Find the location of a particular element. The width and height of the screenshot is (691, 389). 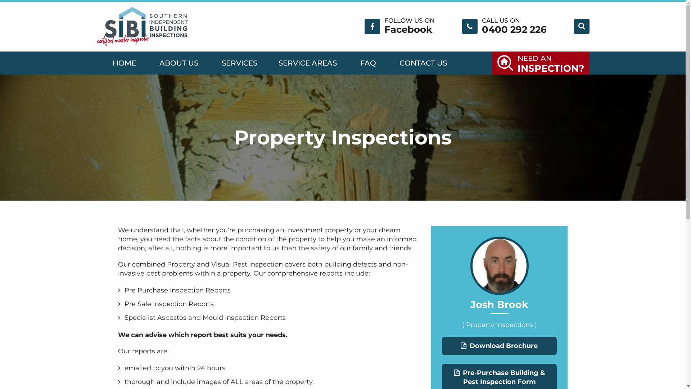

'Facebook' is located at coordinates (408, 29).